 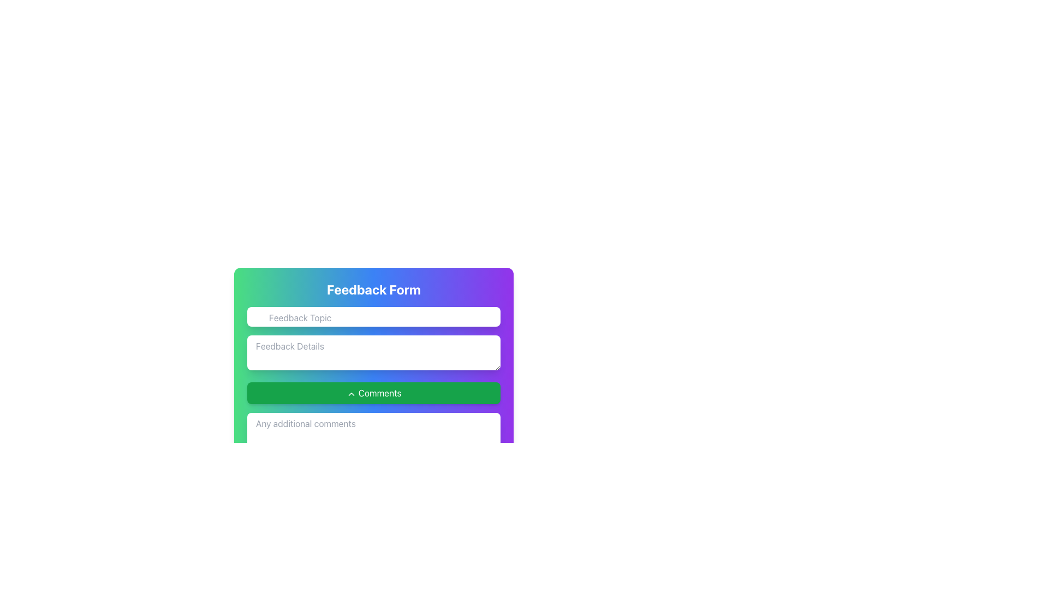 I want to click on the toggle button for 'Comments' located in the 'Feedback Form' section, so click(x=374, y=378).